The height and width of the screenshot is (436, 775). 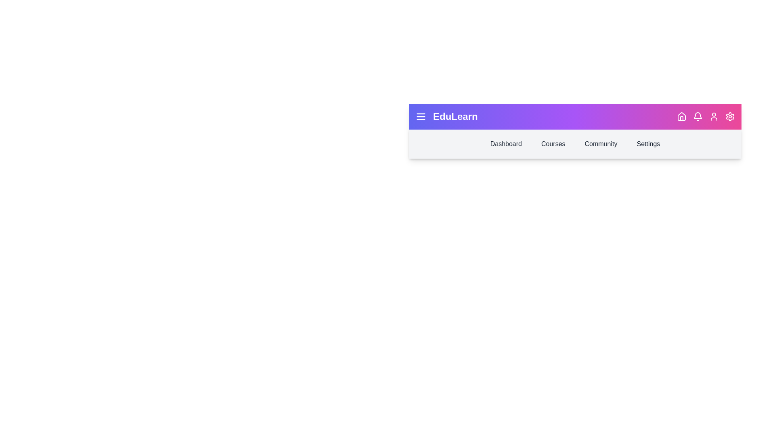 What do you see at coordinates (505, 144) in the screenshot?
I see `the Dashboard navigation link in the header` at bounding box center [505, 144].